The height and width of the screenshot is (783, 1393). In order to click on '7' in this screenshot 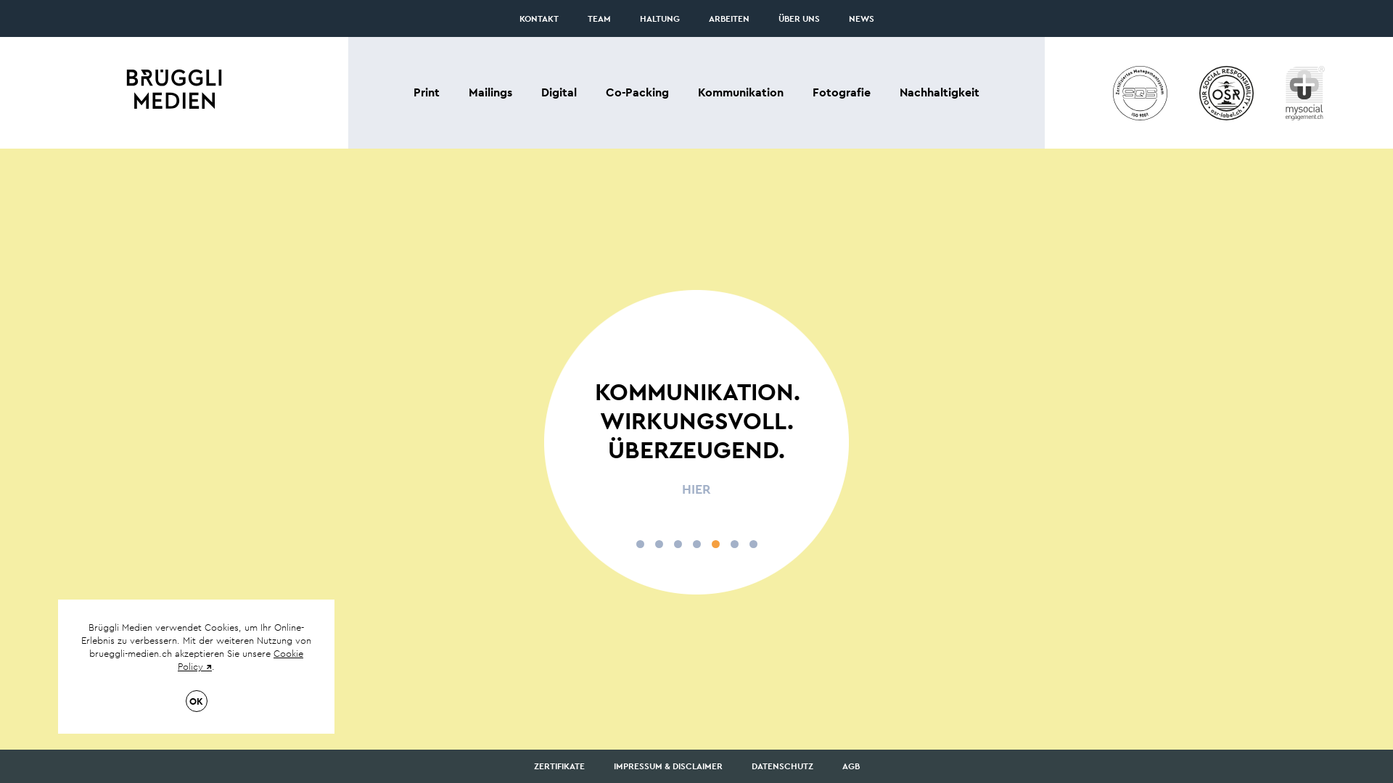, I will do `click(752, 544)`.